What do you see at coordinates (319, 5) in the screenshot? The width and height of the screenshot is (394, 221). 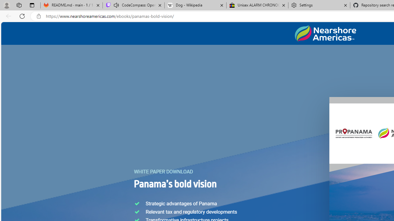 I see `'Settings'` at bounding box center [319, 5].